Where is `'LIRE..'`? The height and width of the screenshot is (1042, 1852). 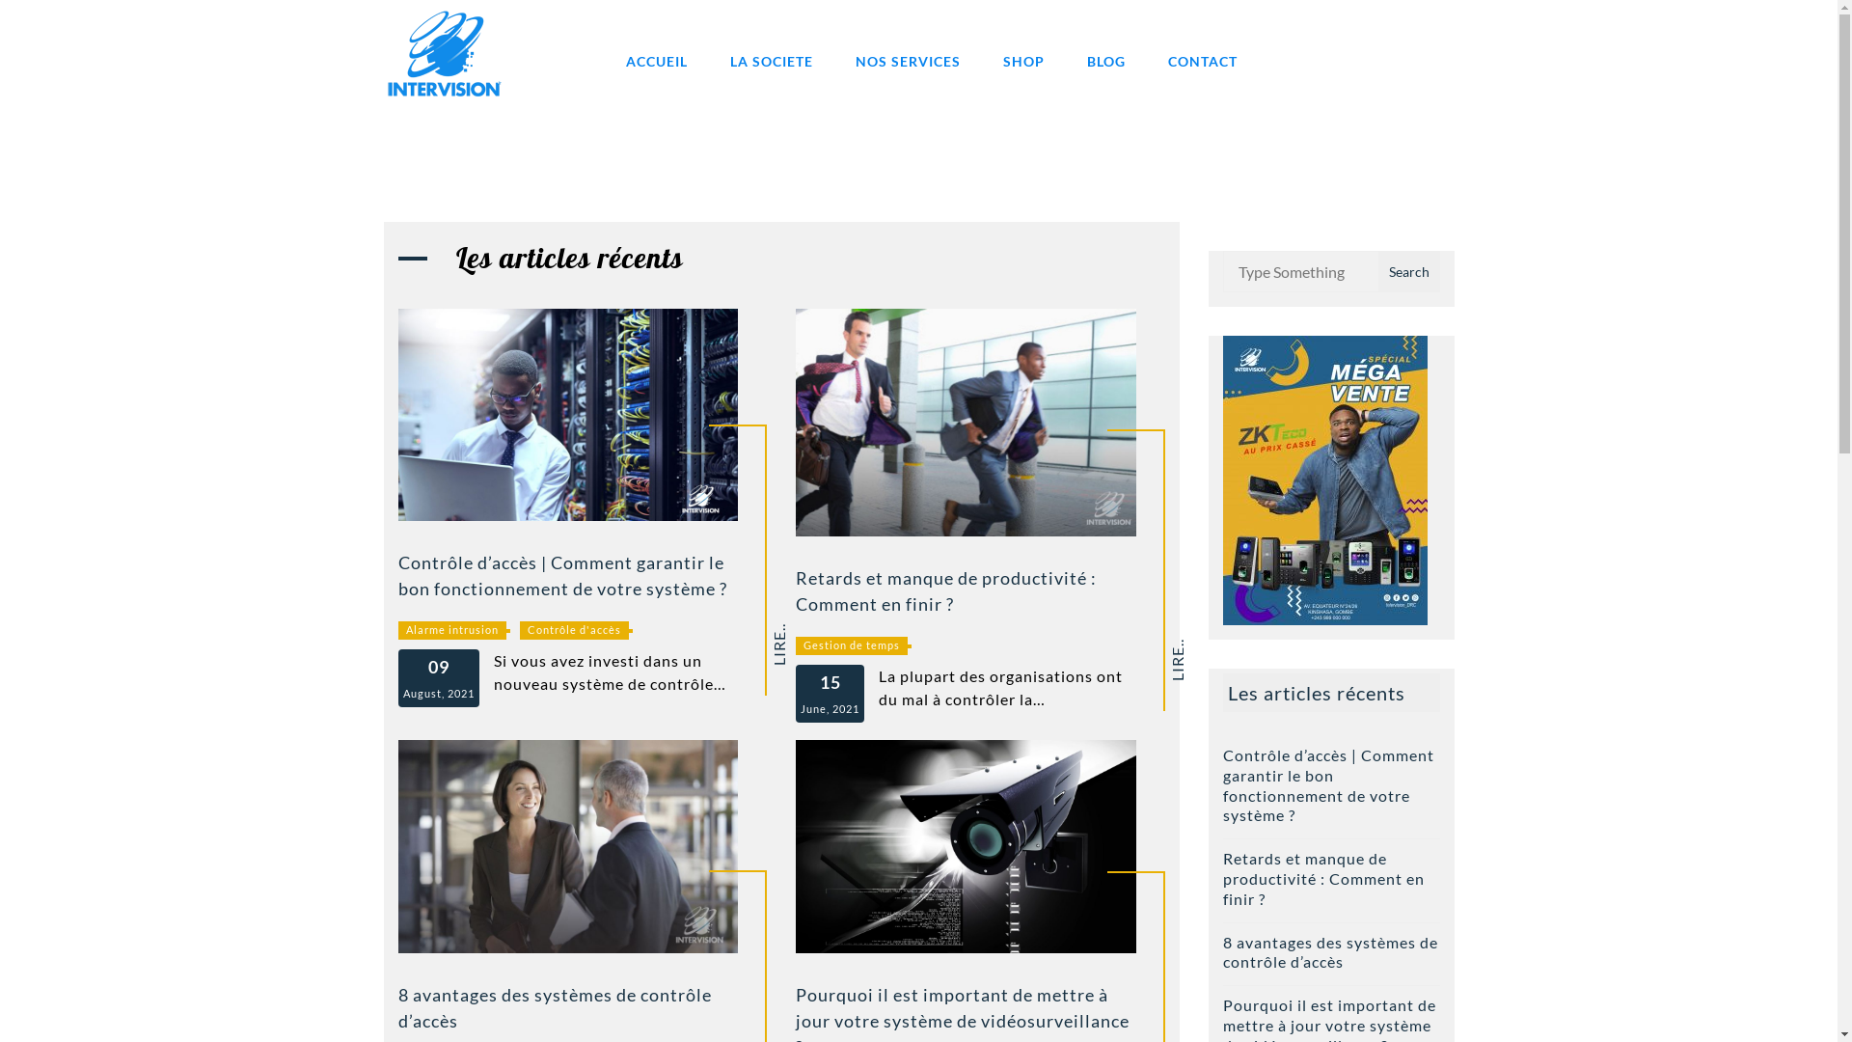
'LIRE..' is located at coordinates (792, 631).